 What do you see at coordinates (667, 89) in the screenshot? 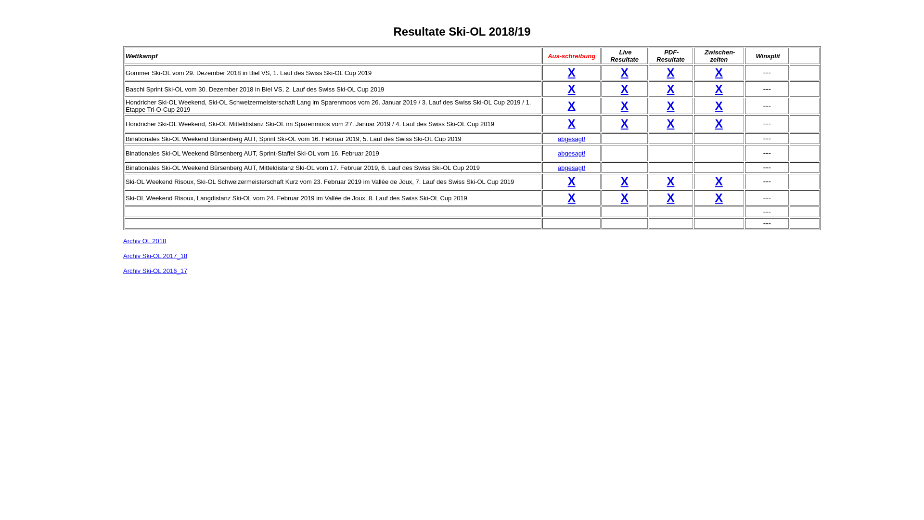
I see `'X'` at bounding box center [667, 89].